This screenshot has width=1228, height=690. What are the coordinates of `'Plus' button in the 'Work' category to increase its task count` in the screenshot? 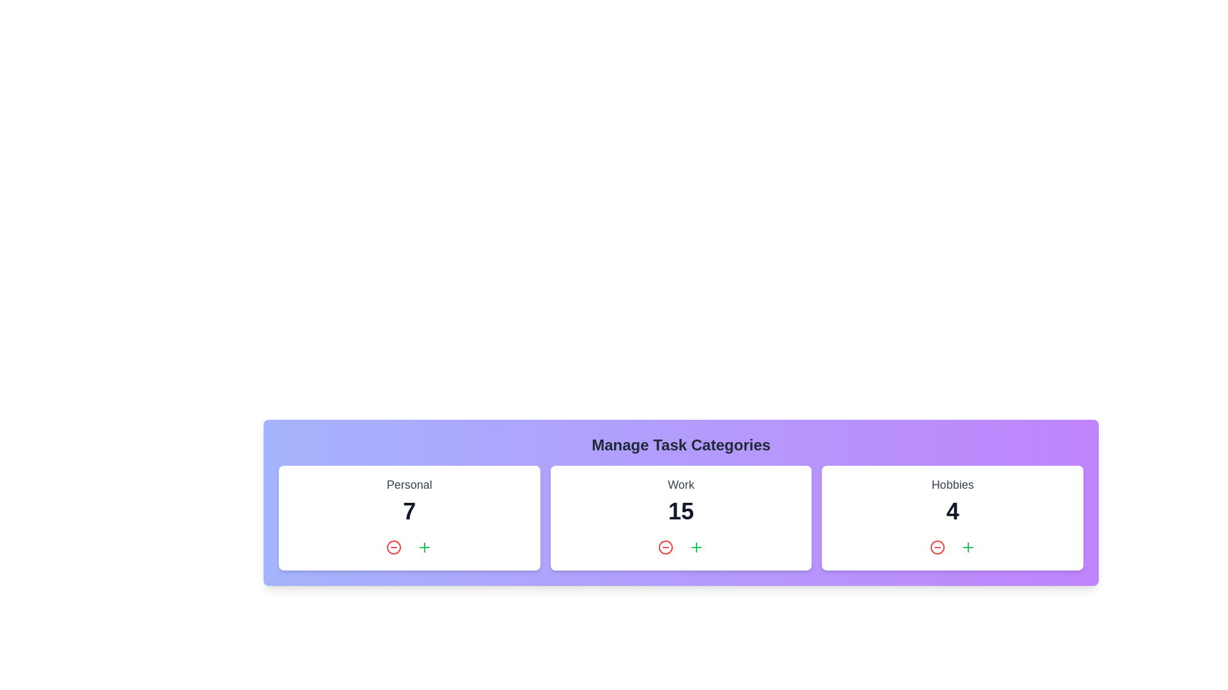 It's located at (696, 546).